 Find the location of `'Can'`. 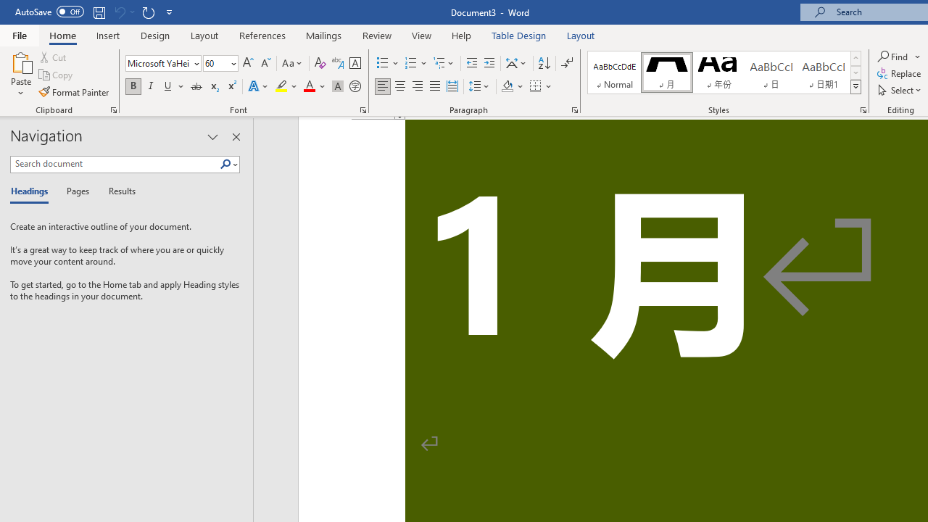

'Can' is located at coordinates (119, 12).